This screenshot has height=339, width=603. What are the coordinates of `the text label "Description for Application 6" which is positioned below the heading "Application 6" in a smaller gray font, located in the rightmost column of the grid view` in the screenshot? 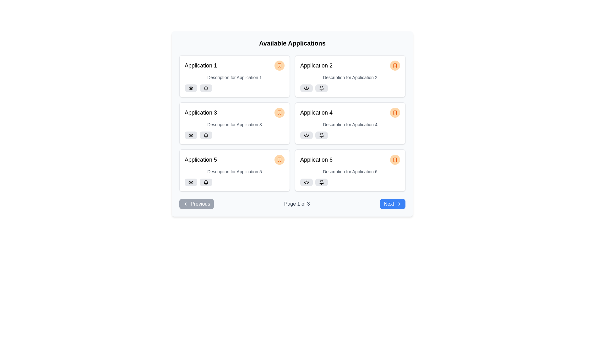 It's located at (350, 172).